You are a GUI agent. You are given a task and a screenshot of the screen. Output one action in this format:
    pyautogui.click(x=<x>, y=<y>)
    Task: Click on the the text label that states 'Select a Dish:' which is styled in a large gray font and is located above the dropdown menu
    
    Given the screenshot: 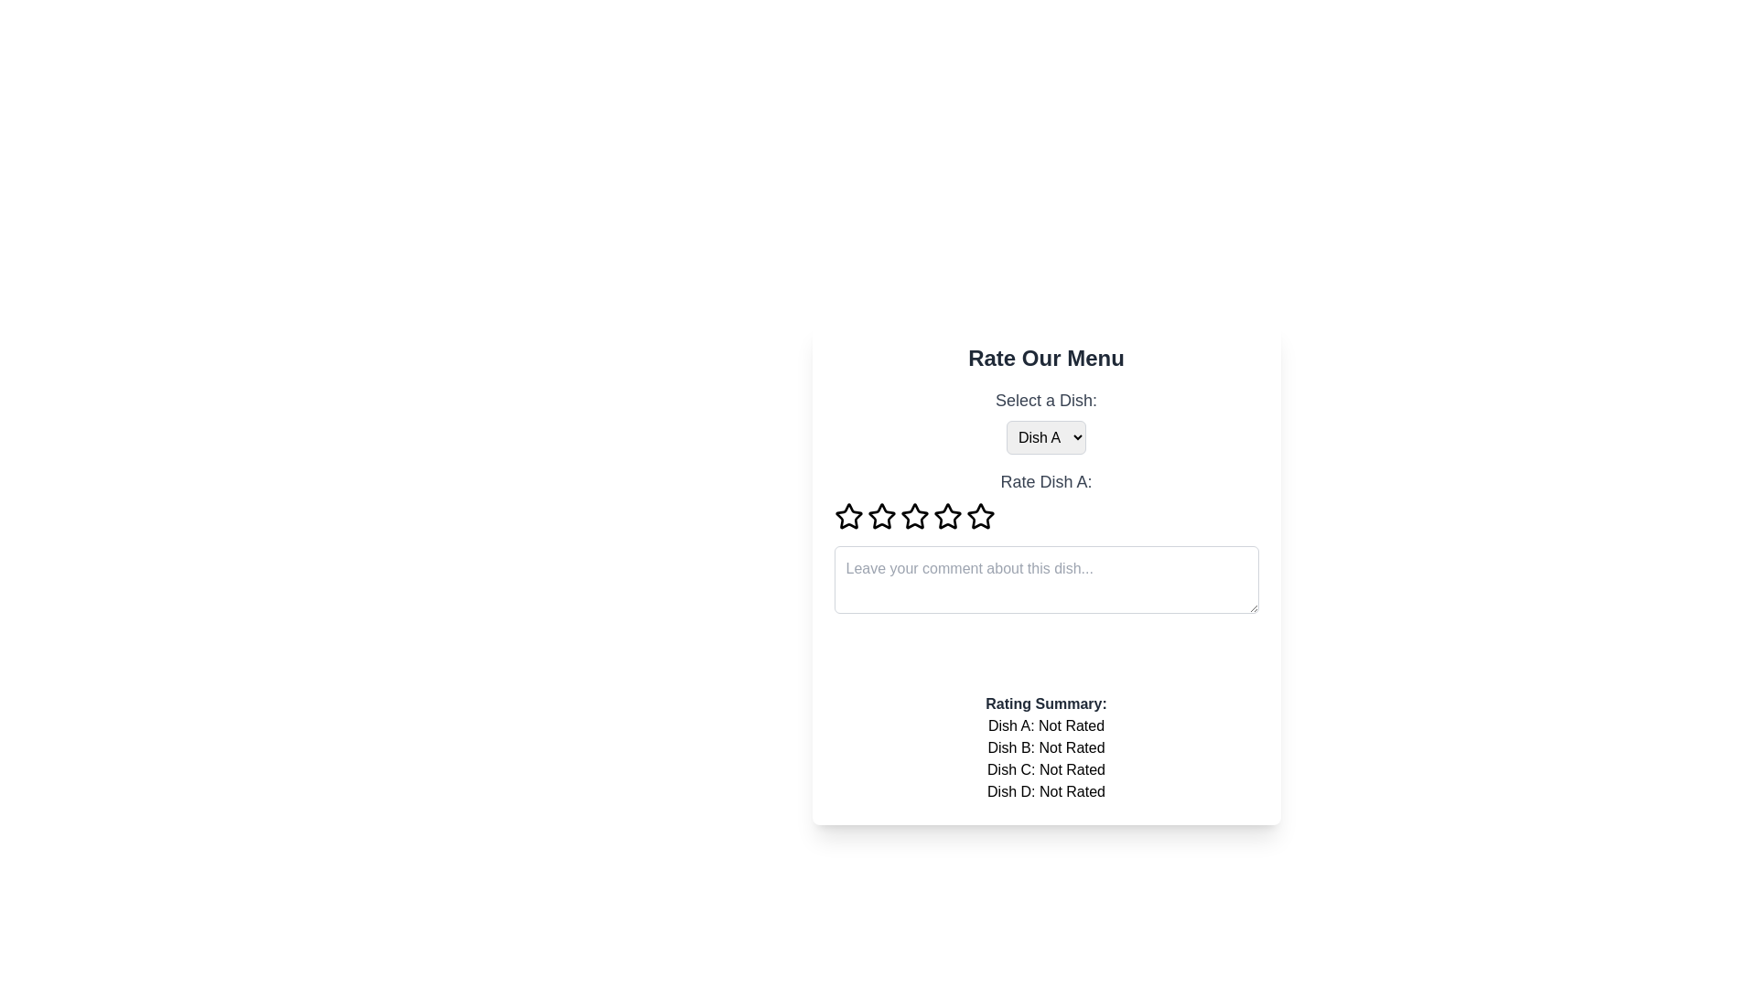 What is the action you would take?
    pyautogui.click(x=1046, y=400)
    